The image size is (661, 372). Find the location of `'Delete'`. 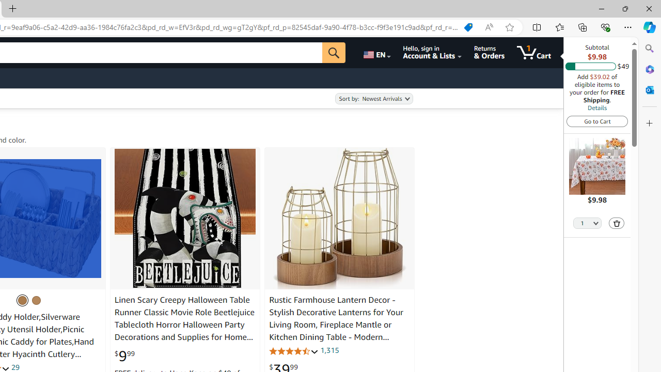

'Delete' is located at coordinates (617, 223).